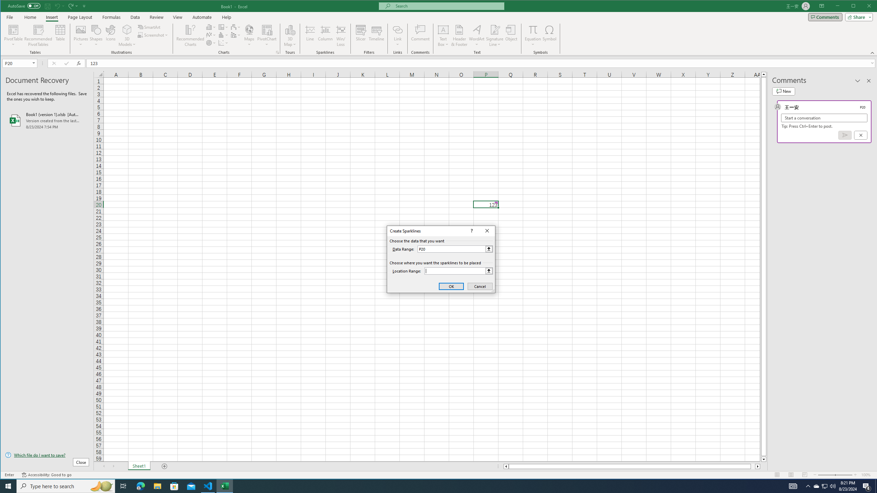 The height and width of the screenshot is (493, 877). What do you see at coordinates (127, 29) in the screenshot?
I see `'3D Models'` at bounding box center [127, 29].